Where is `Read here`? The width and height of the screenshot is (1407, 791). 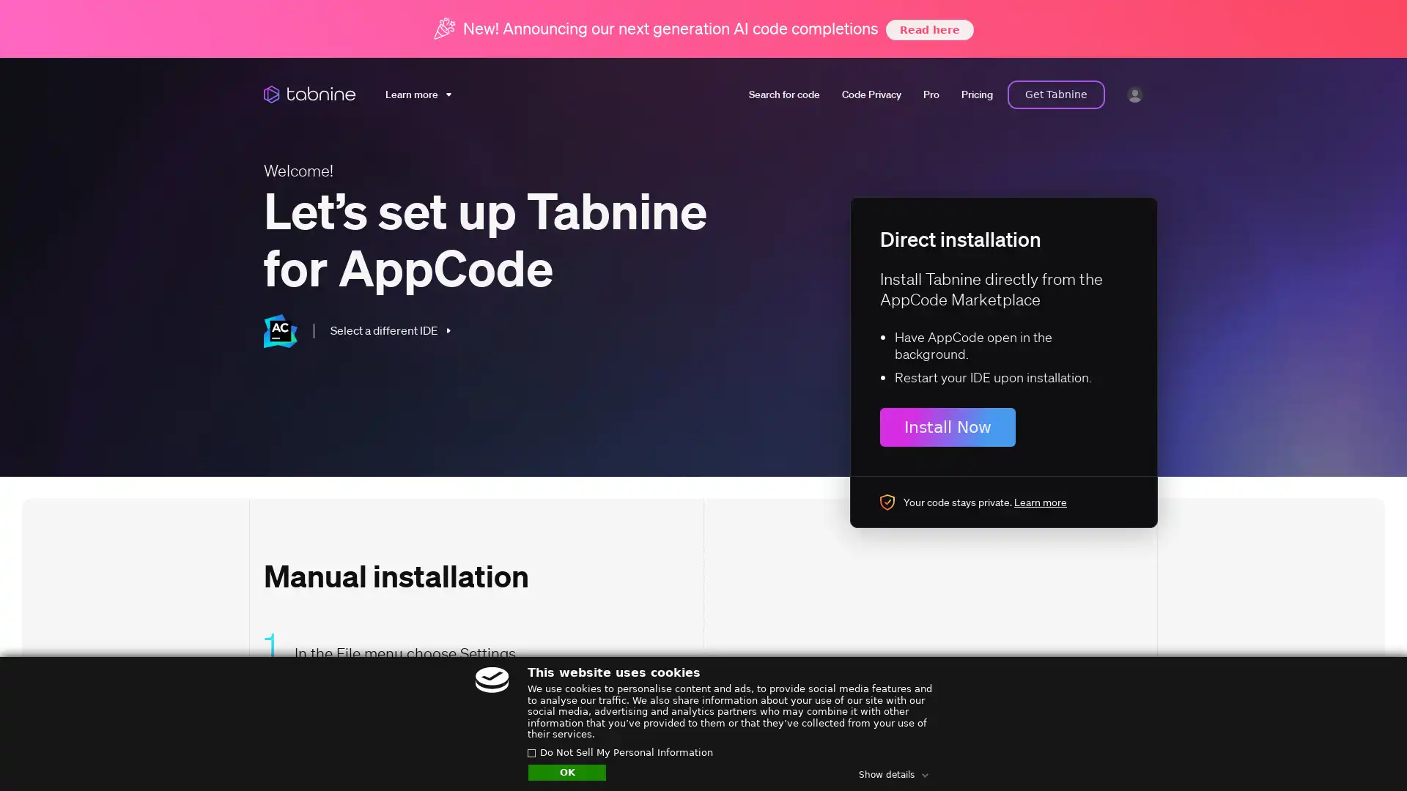
Read here is located at coordinates (928, 29).